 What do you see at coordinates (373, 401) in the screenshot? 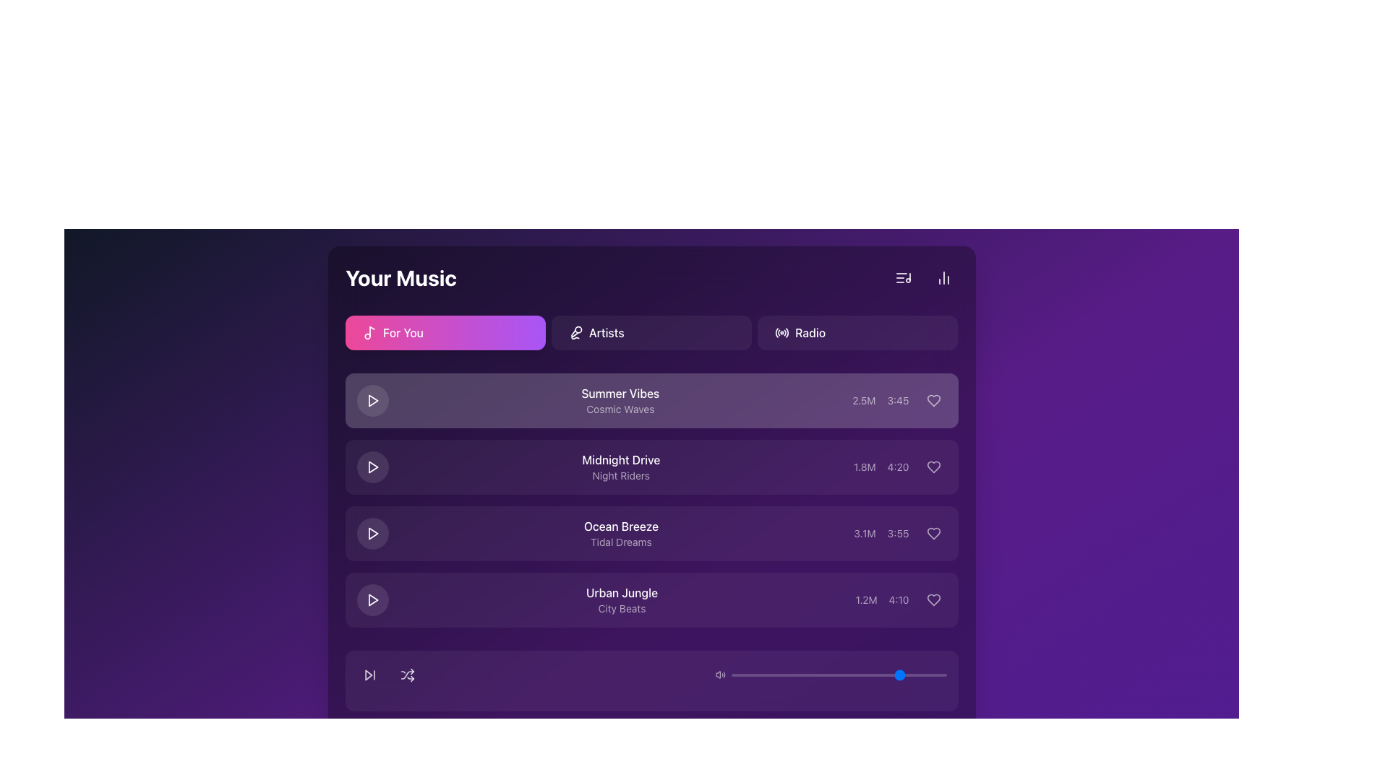
I see `the triangular play icon button located to the left of the 'Summer Vibes' song title` at bounding box center [373, 401].